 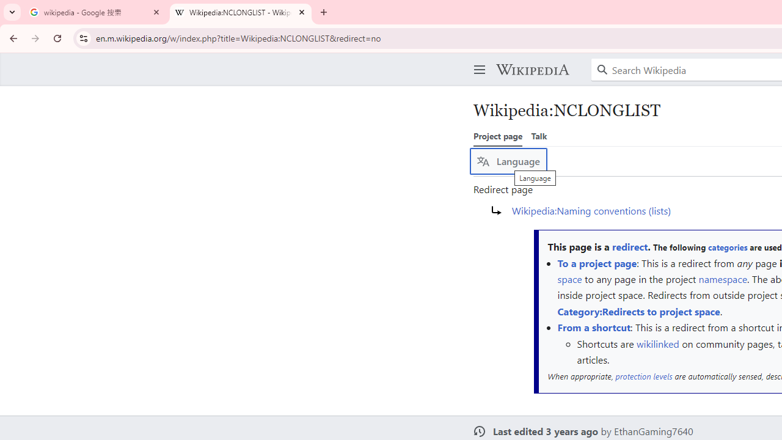 I want to click on 'Category:Redirects to project space', so click(x=638, y=310).